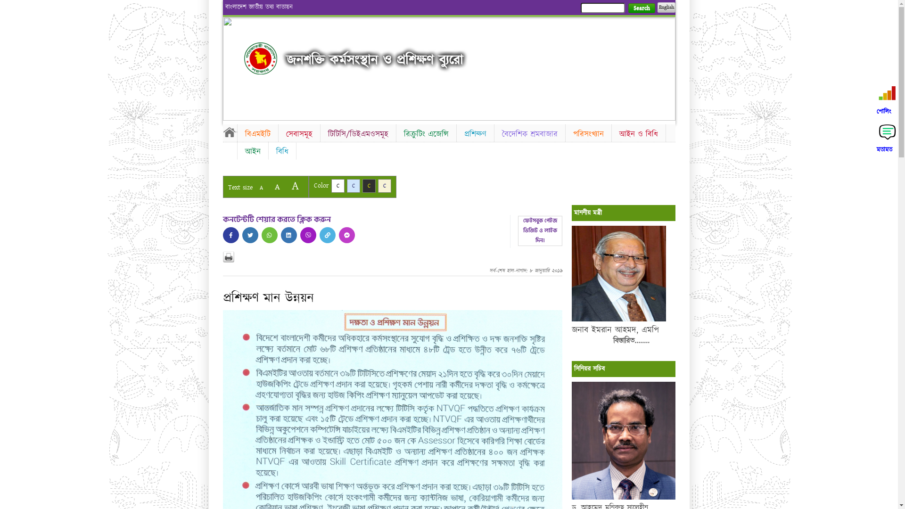  Describe the element at coordinates (254, 188) in the screenshot. I see `'A'` at that location.